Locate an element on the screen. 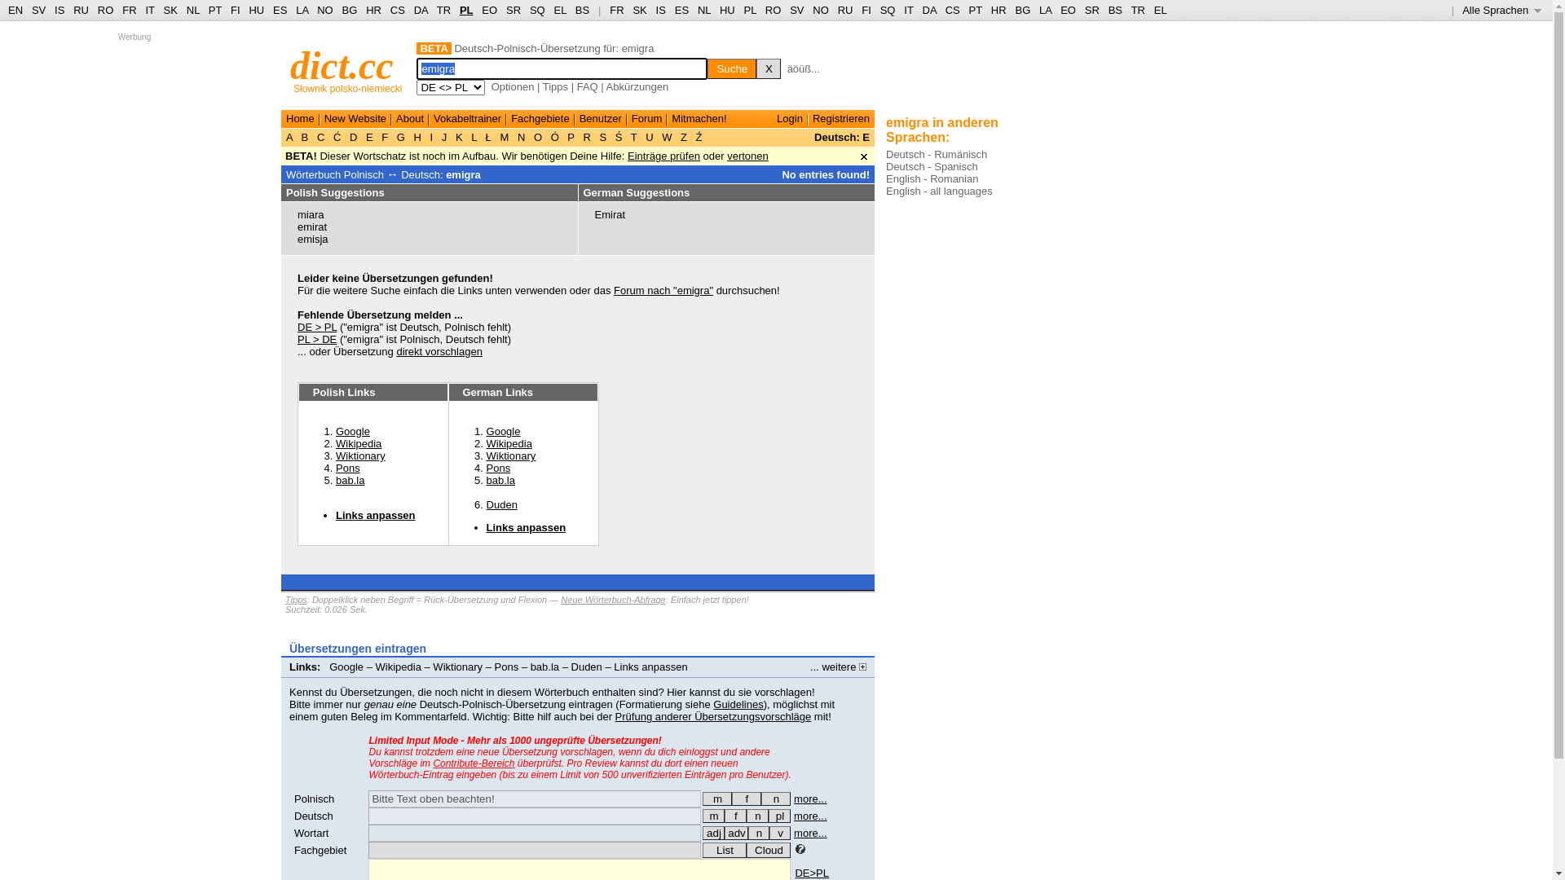 The image size is (1565, 880). 'f' is located at coordinates (734, 816).